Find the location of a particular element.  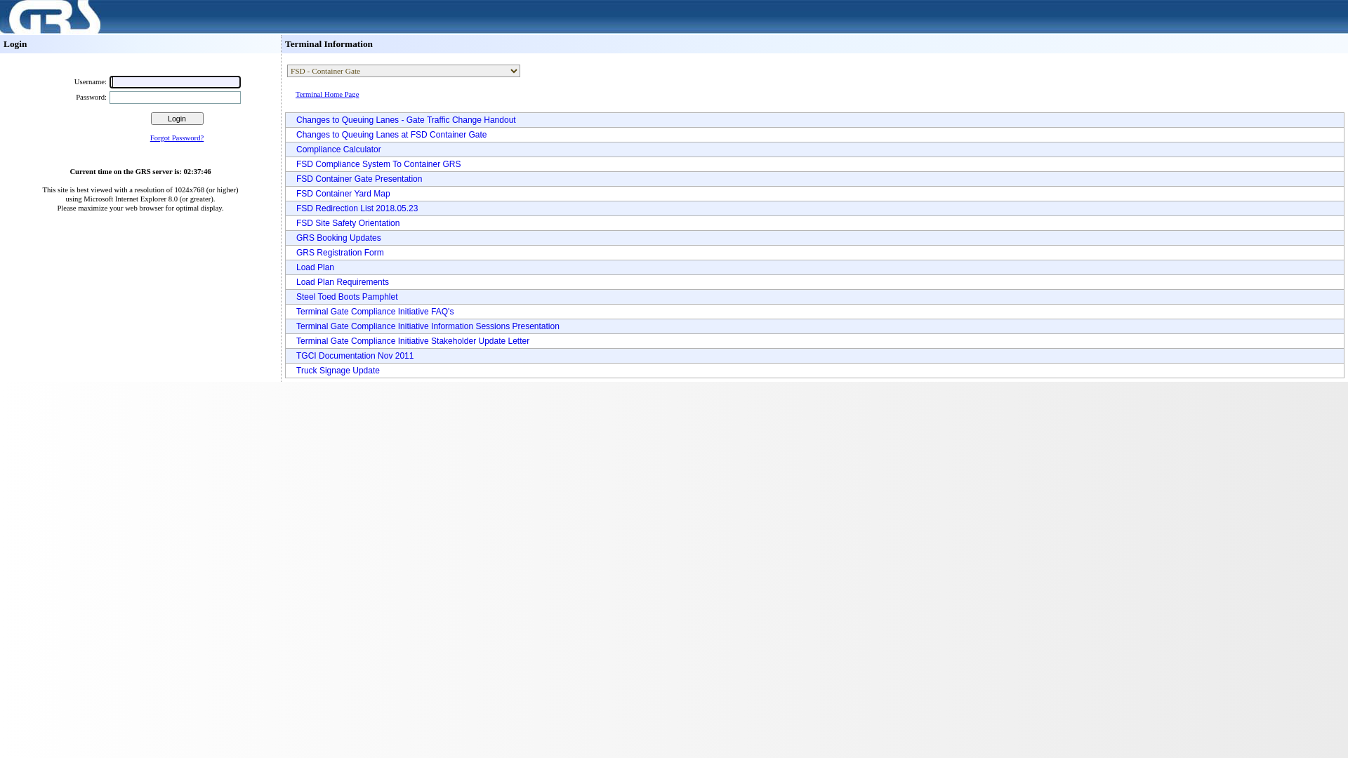

'Terminal Home Page' is located at coordinates (396, 95).